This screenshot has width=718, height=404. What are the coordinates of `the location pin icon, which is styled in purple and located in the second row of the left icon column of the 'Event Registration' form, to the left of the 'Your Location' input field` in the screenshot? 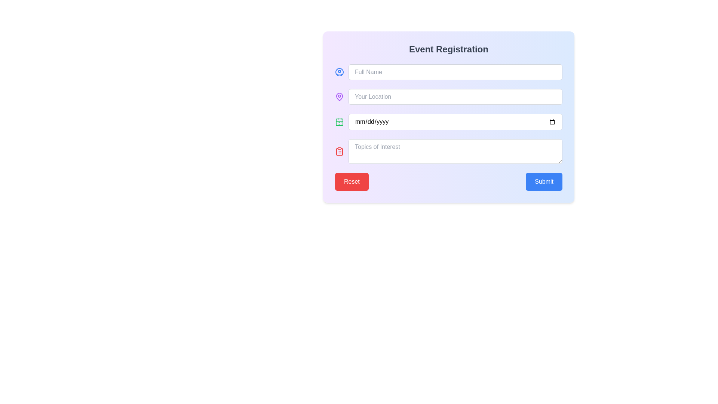 It's located at (339, 96).